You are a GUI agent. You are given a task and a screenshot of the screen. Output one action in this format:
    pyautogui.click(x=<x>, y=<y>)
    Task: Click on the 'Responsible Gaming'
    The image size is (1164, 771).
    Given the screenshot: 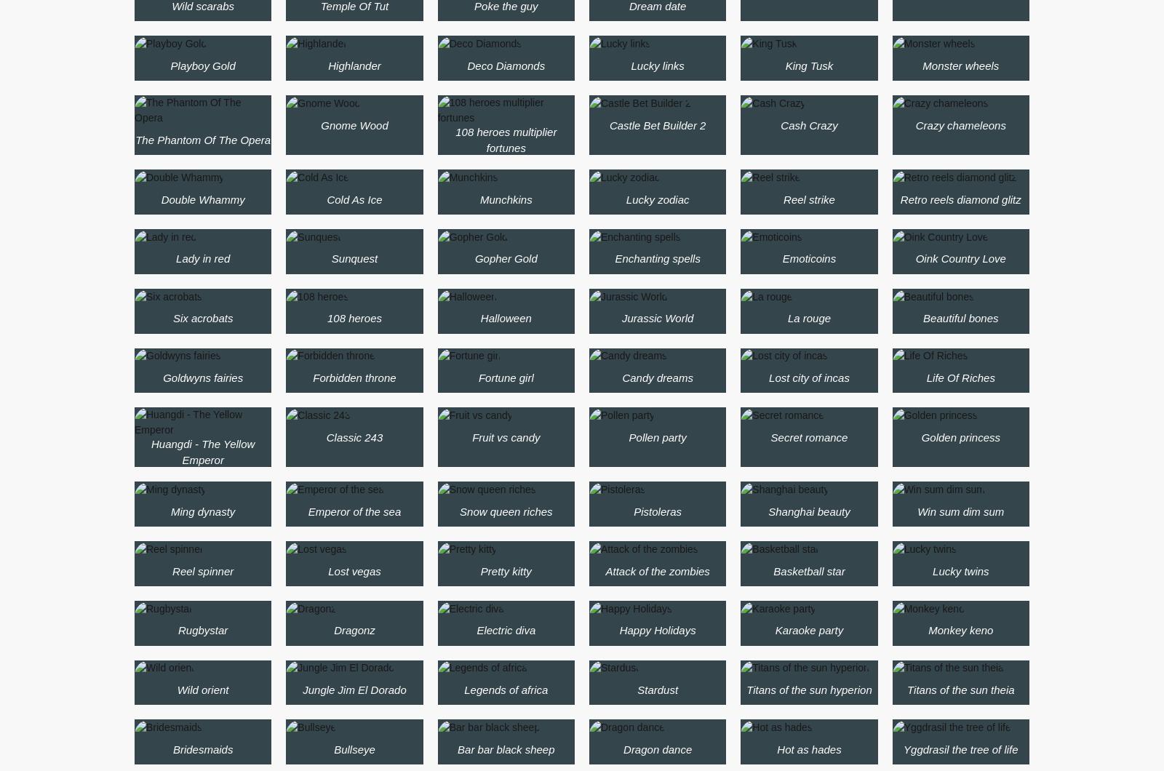 What is the action you would take?
    pyautogui.click(x=447, y=182)
    